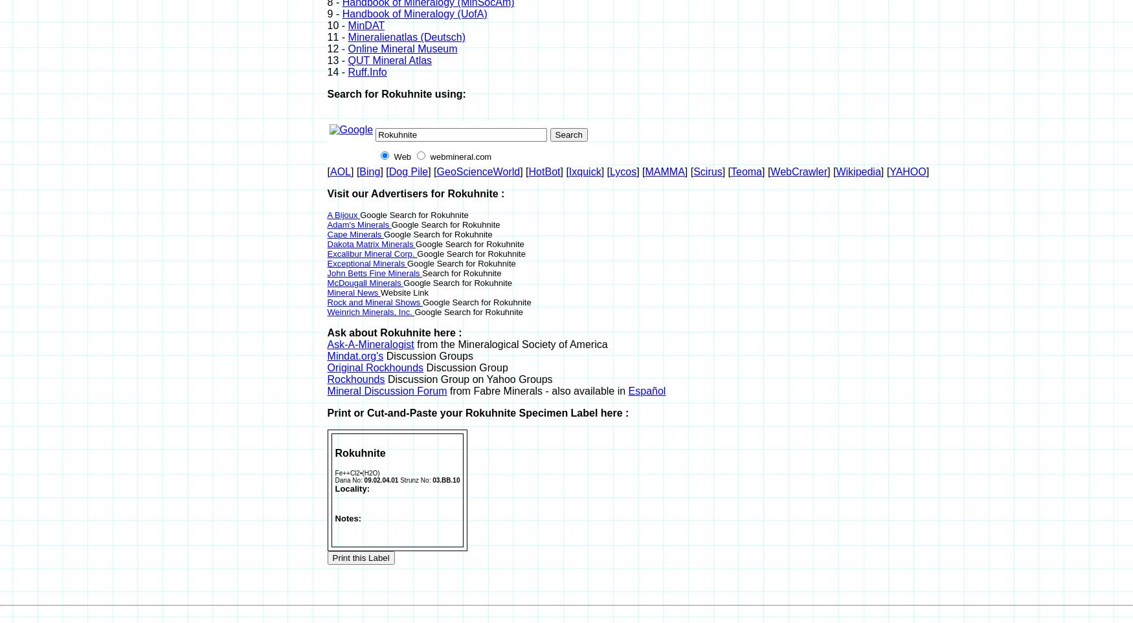 The height and width of the screenshot is (623, 1133). What do you see at coordinates (906, 171) in the screenshot?
I see `'YAHOO'` at bounding box center [906, 171].